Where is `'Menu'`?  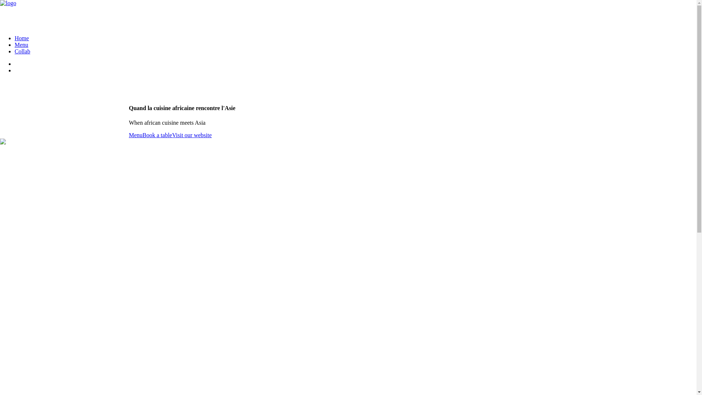 'Menu' is located at coordinates (128, 135).